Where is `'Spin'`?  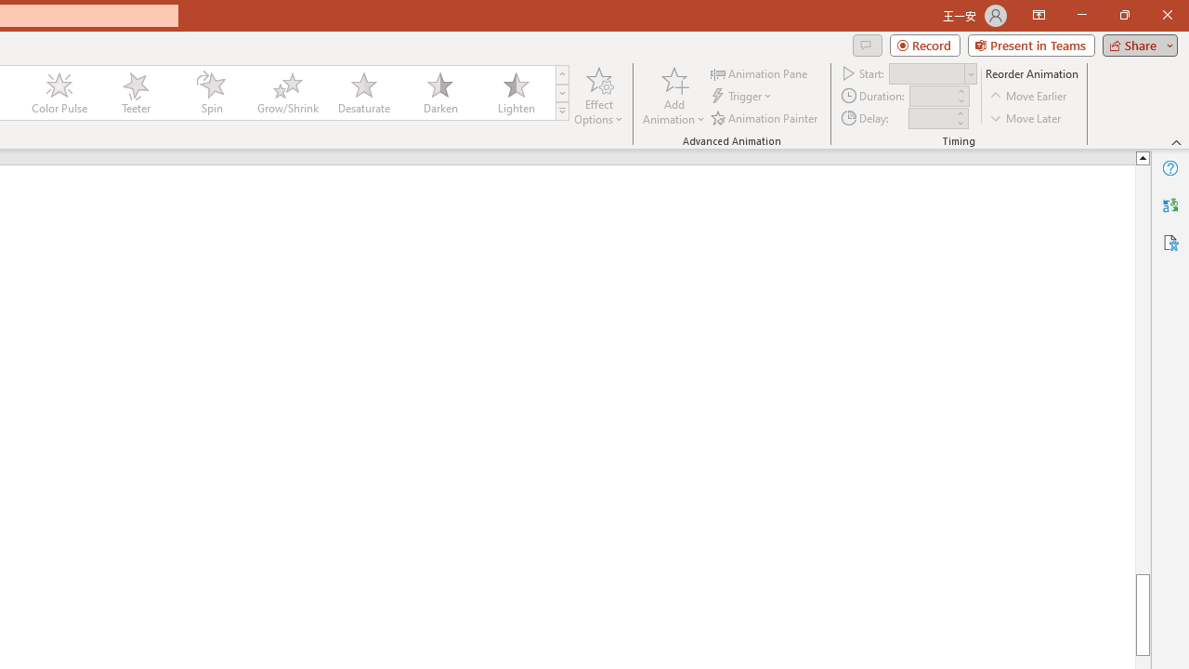
'Spin' is located at coordinates (211, 93).